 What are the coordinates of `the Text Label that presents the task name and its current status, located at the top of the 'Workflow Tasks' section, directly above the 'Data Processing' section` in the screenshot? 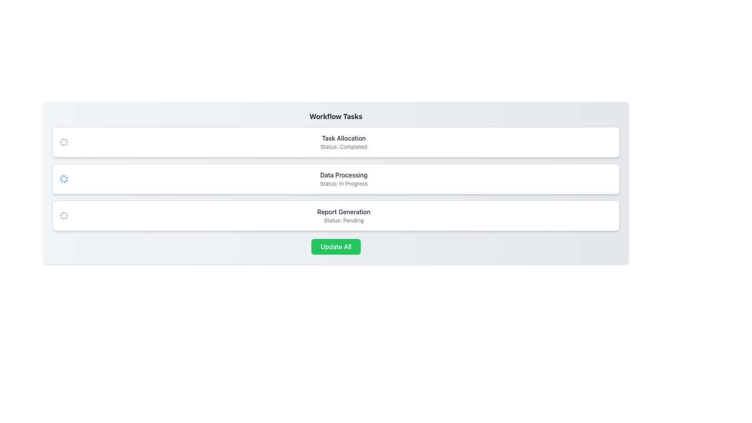 It's located at (344, 142).